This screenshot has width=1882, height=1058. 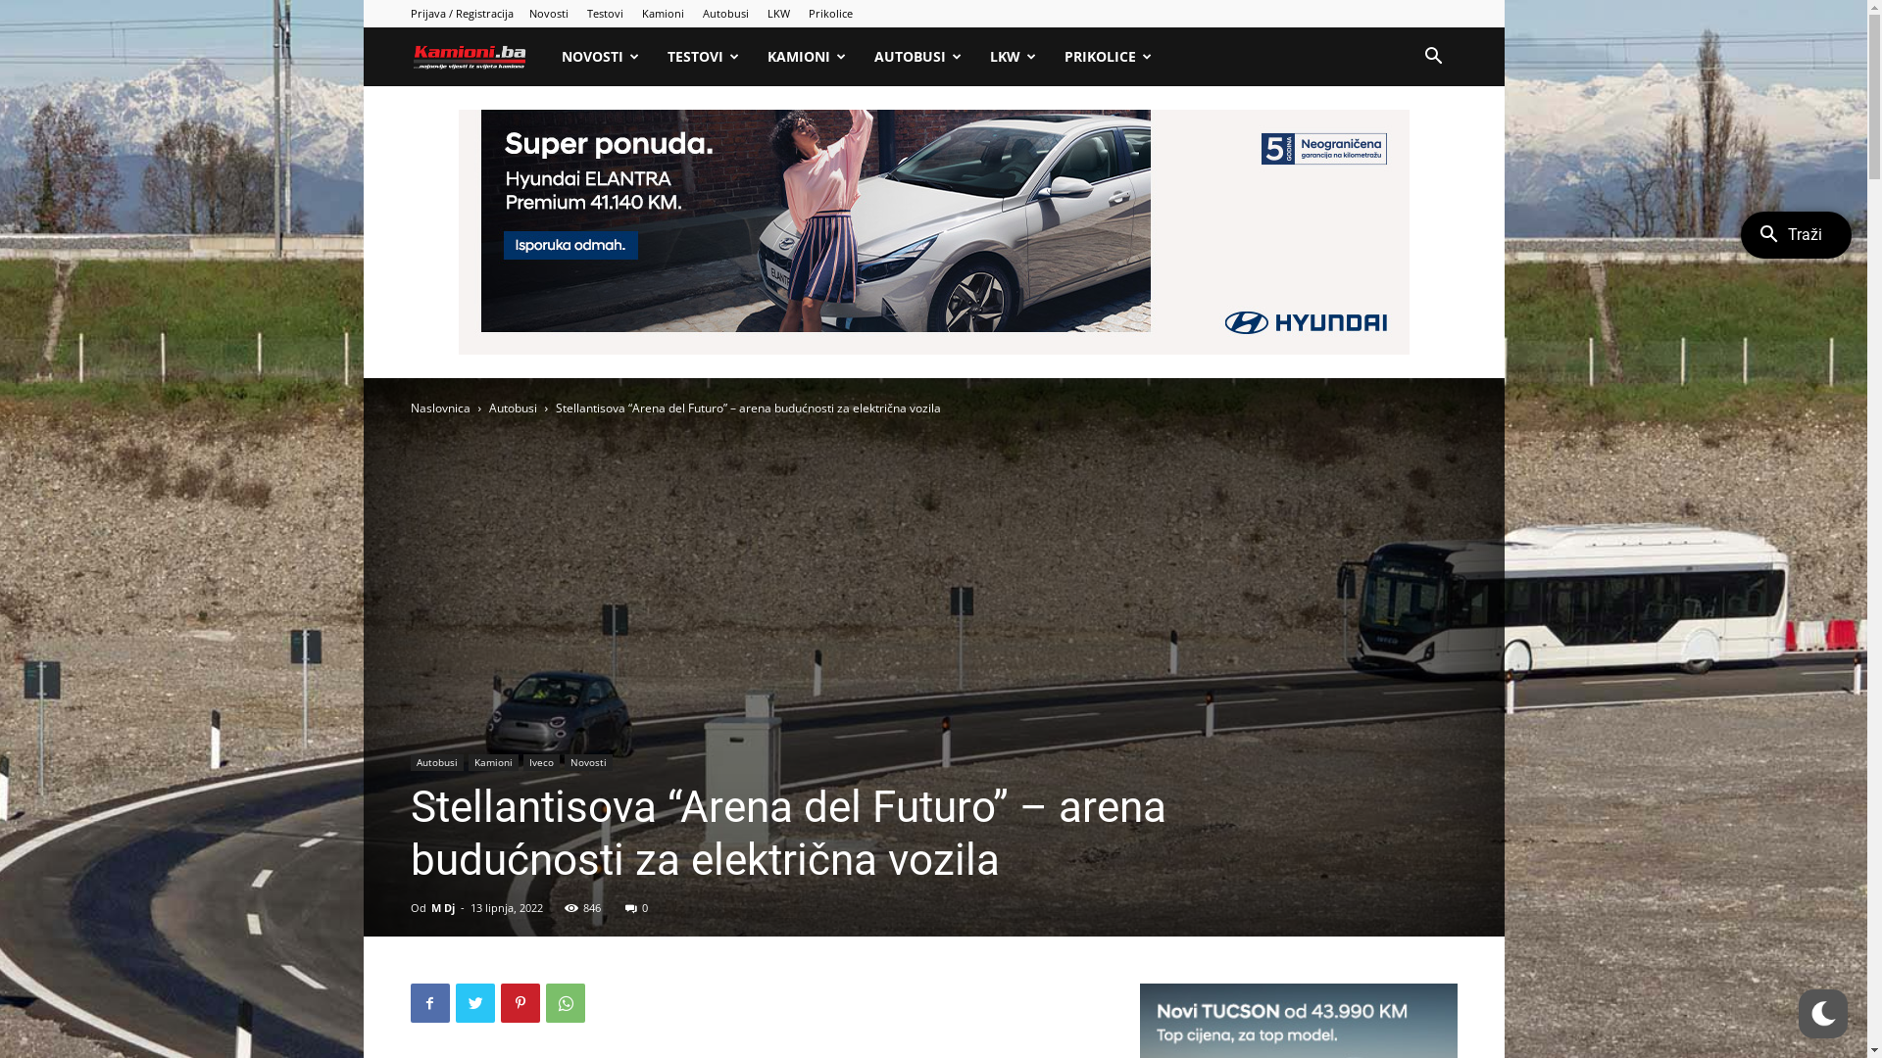 I want to click on 'TESTOVI', so click(x=704, y=55).